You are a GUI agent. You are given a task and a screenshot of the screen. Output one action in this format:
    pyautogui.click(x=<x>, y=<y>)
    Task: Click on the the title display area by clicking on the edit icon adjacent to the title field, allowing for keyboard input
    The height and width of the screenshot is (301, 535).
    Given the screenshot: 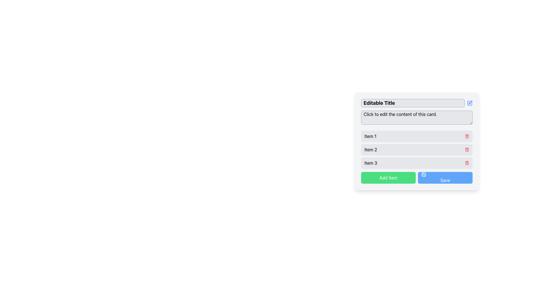 What is the action you would take?
    pyautogui.click(x=417, y=103)
    